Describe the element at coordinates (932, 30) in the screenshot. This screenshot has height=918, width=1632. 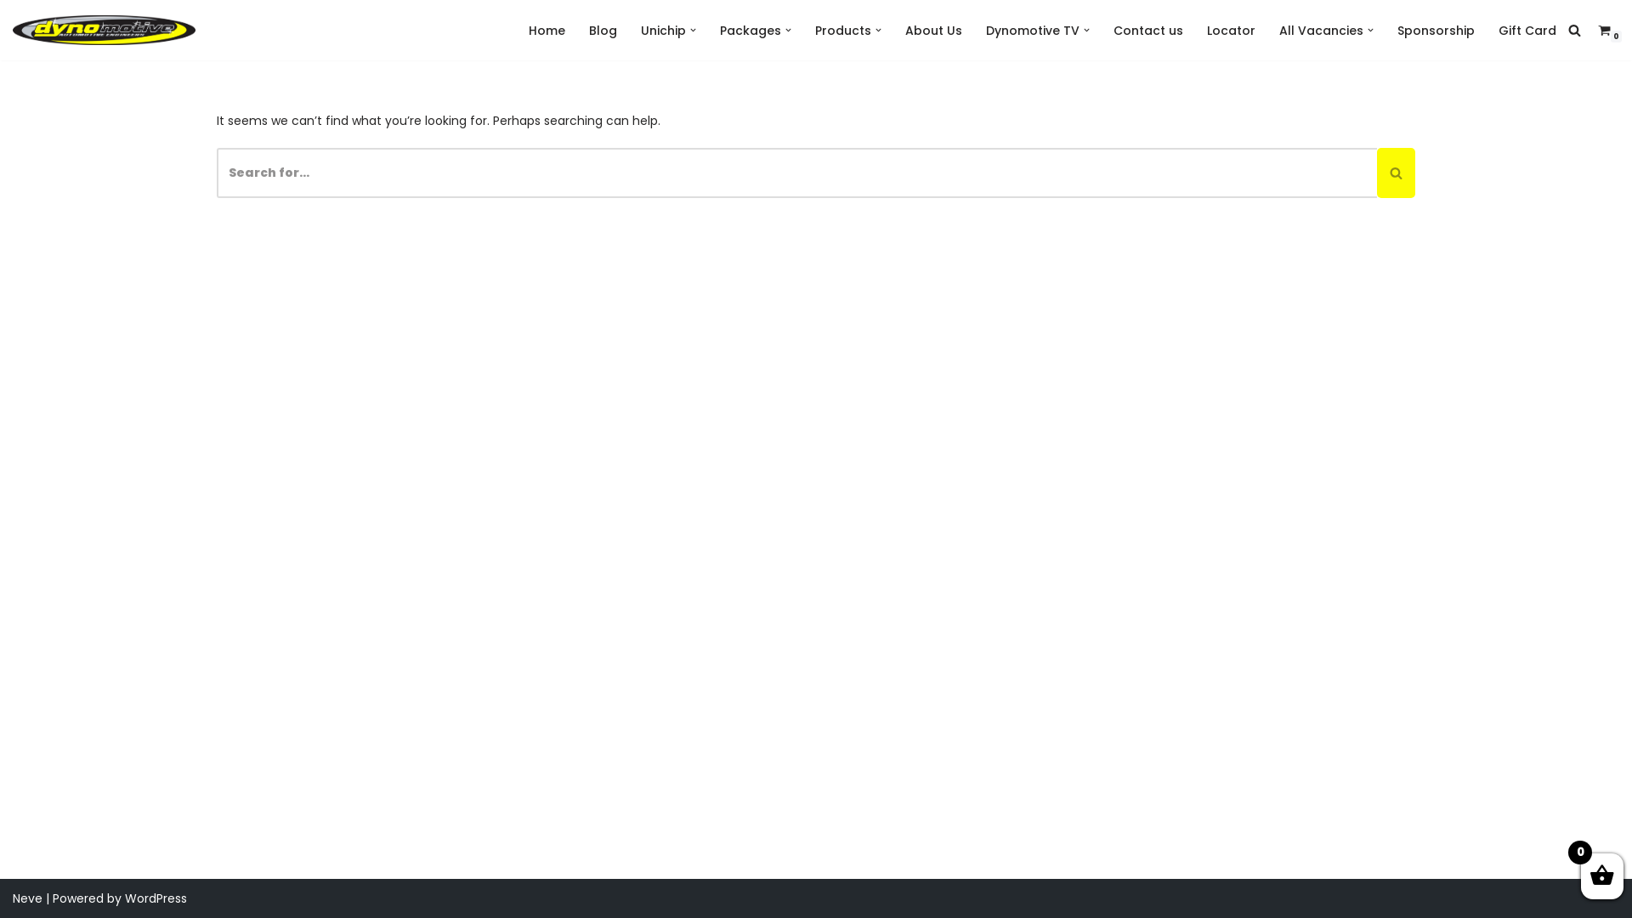
I see `'About Us'` at that location.